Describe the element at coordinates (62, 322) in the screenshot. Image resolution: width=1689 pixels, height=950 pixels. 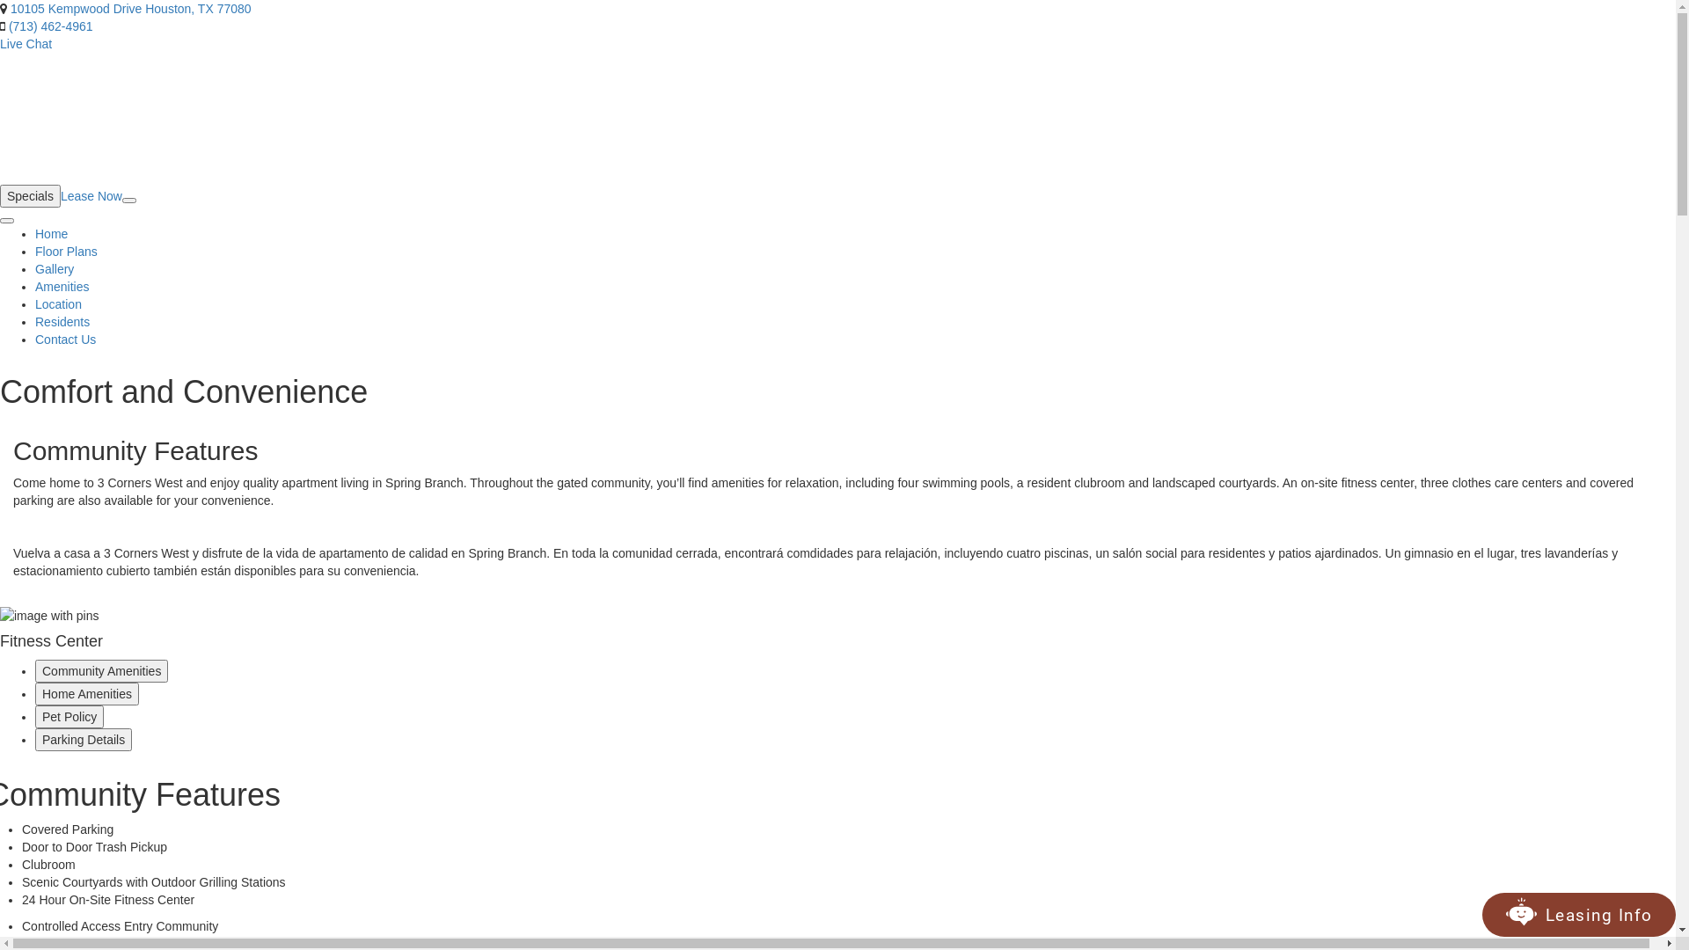
I see `'Residents'` at that location.